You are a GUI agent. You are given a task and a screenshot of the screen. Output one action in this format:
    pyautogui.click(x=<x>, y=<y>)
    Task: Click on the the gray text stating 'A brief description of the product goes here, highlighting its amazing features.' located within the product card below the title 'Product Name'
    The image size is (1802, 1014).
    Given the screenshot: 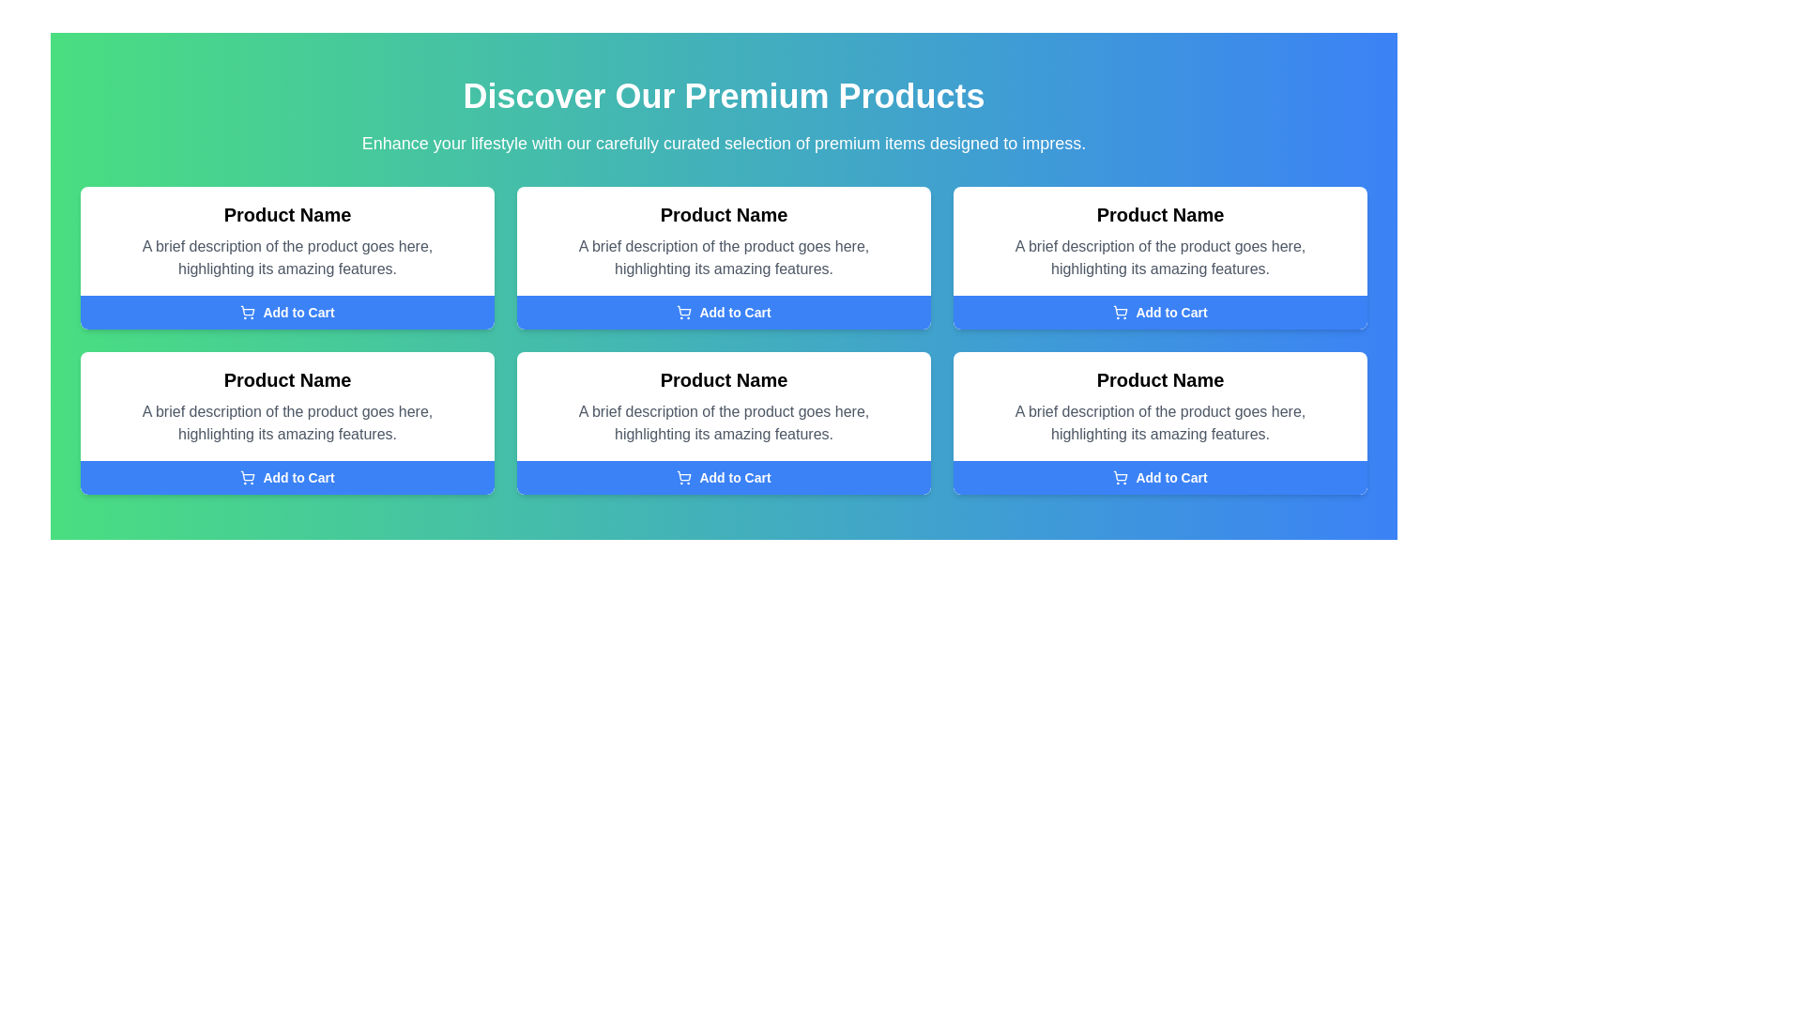 What is the action you would take?
    pyautogui.click(x=286, y=423)
    